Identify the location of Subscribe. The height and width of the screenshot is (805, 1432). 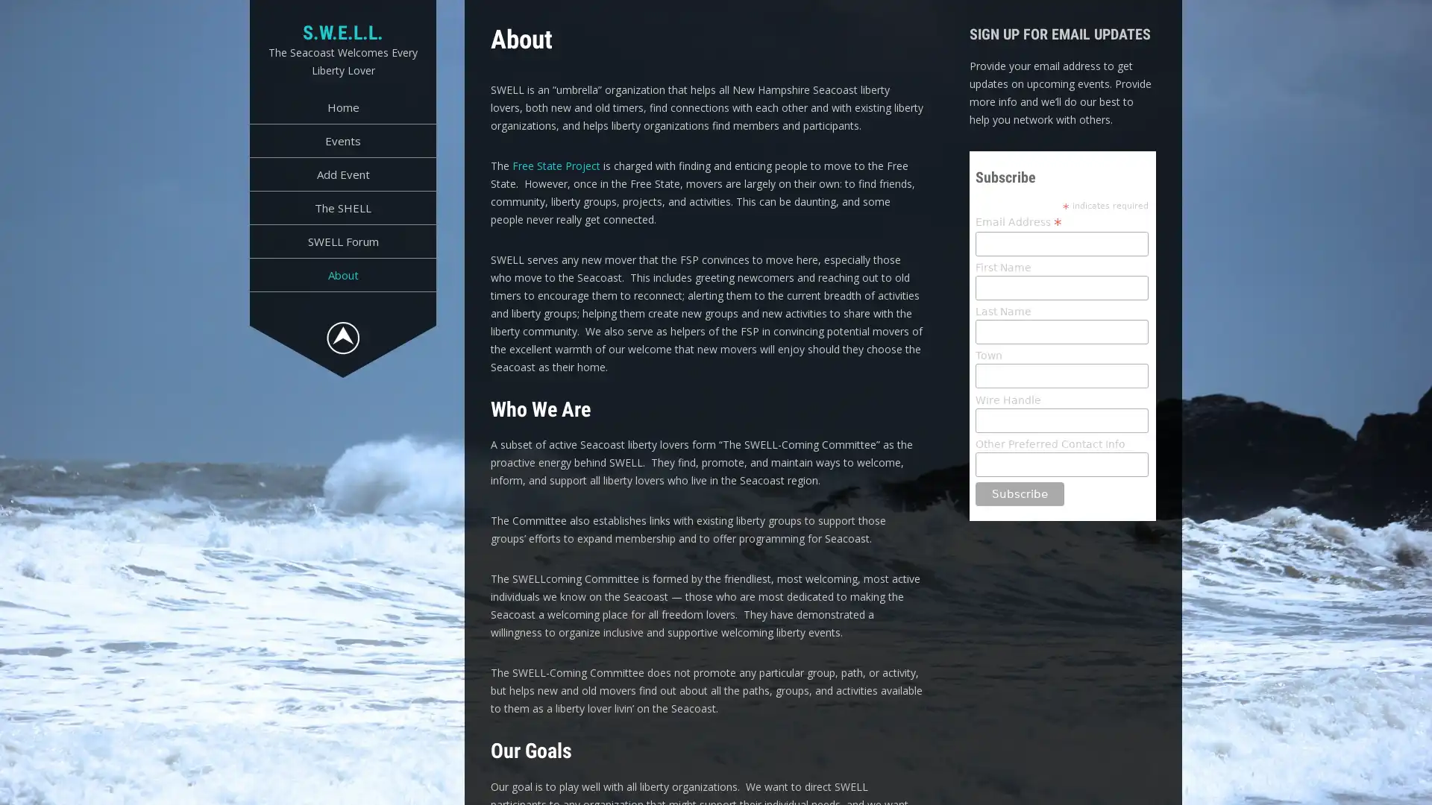
(1018, 494).